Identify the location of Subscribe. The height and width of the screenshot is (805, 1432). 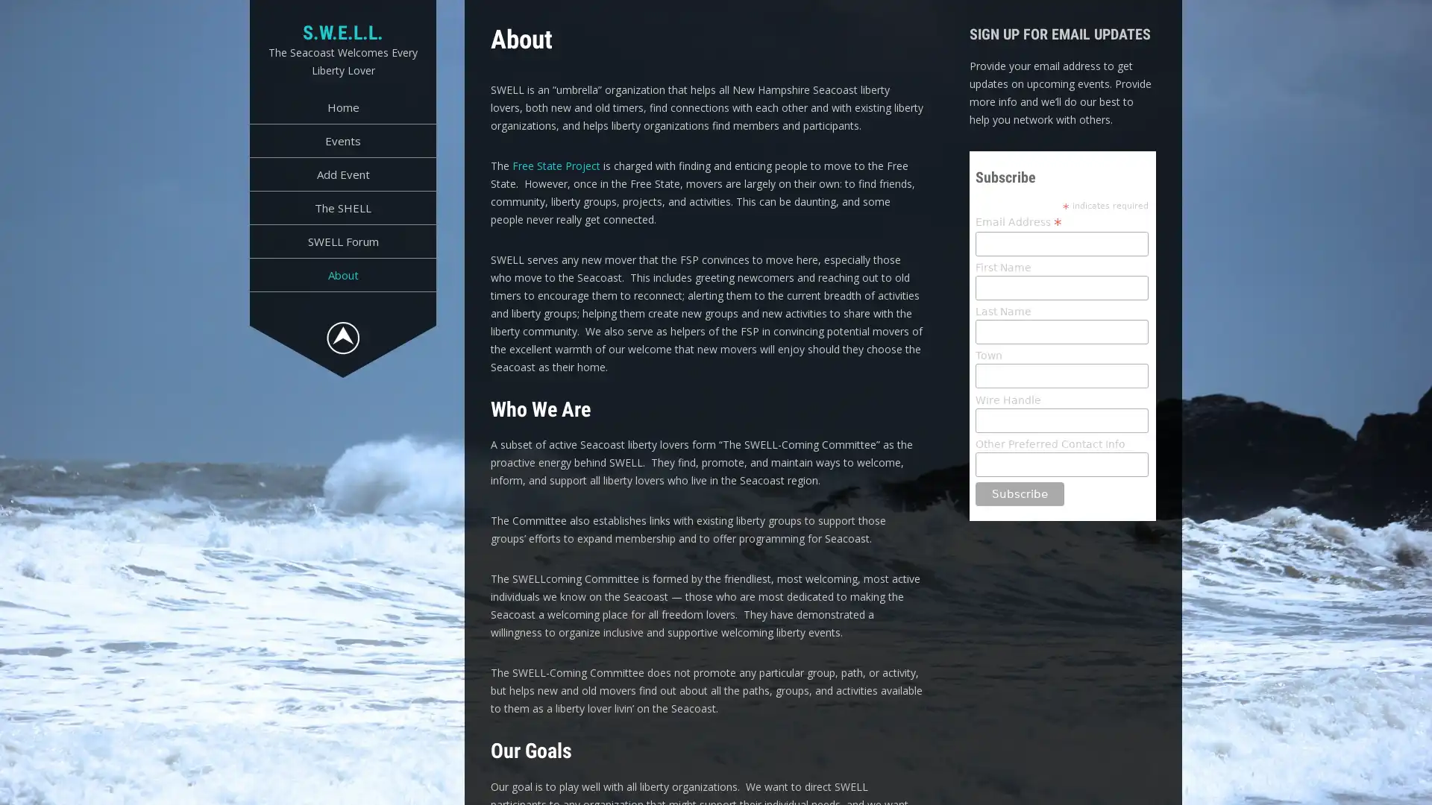
(1018, 494).